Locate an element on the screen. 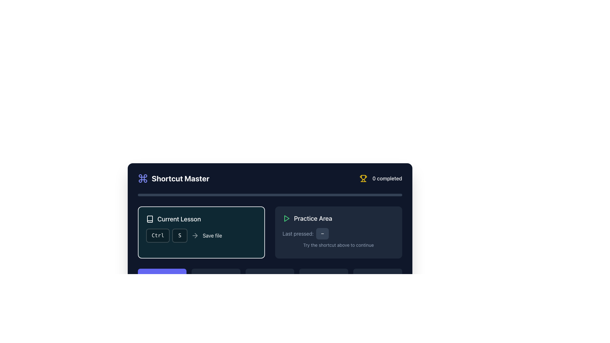 The image size is (610, 343). the non-interactive label-like visual UI component styled to resemble a button that displays 'Ctrl' in the 'Current Lesson' section is located at coordinates (158, 235).